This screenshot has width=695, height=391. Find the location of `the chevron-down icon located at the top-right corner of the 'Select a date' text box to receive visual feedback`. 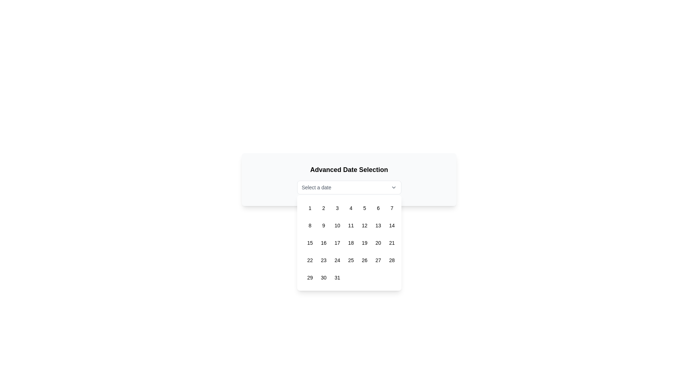

the chevron-down icon located at the top-right corner of the 'Select a date' text box to receive visual feedback is located at coordinates (393, 187).